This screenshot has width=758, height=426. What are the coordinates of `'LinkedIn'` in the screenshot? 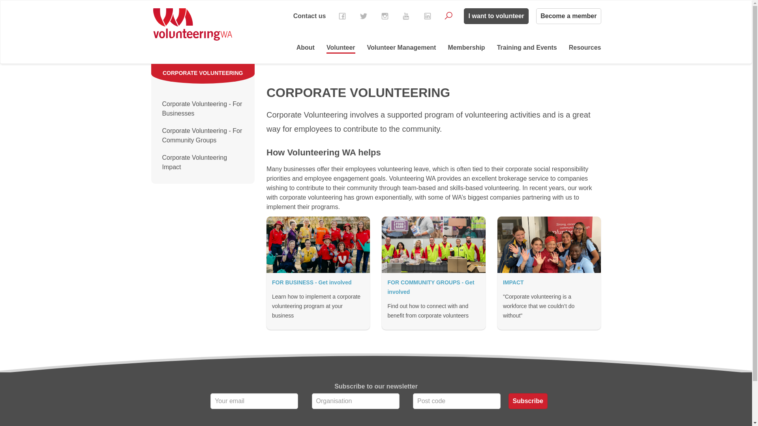 It's located at (417, 16).